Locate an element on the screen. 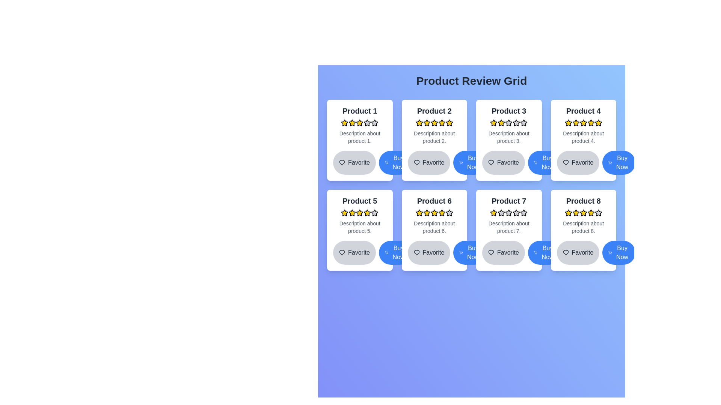 This screenshot has height=405, width=721. the fifth gray star icon, part of the rating system for 'Product 3', which has a metallic aesthetic and outlined design is located at coordinates (523, 122).